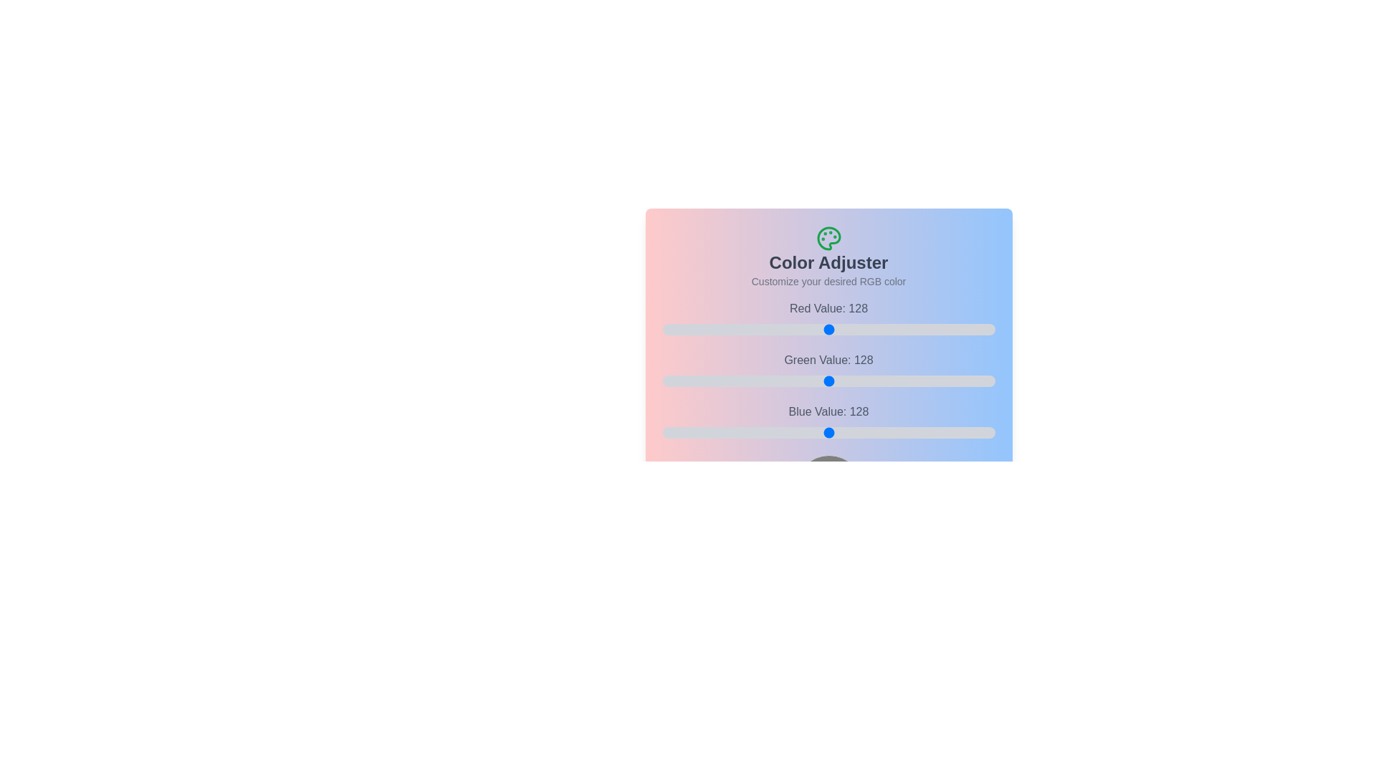 This screenshot has width=1376, height=774. What do you see at coordinates (864, 329) in the screenshot?
I see `the 0 slider to 56` at bounding box center [864, 329].